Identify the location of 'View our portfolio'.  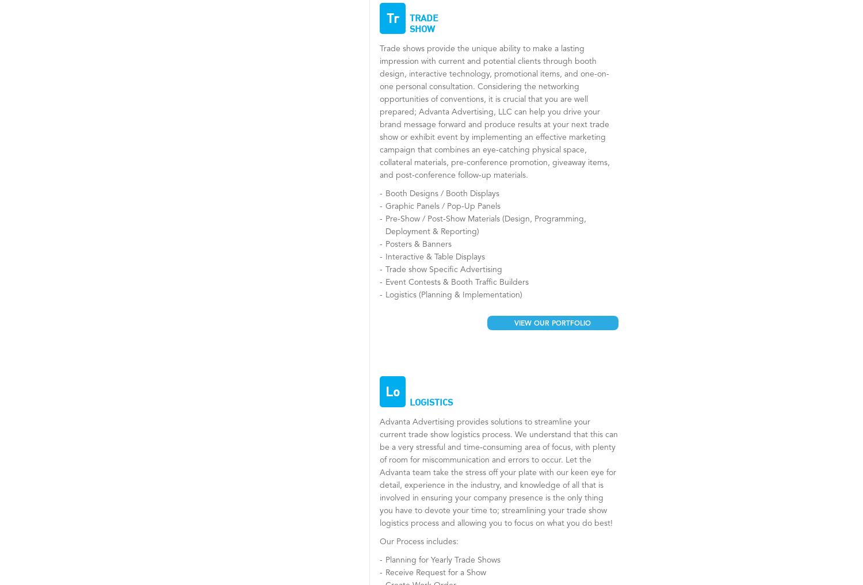
(552, 324).